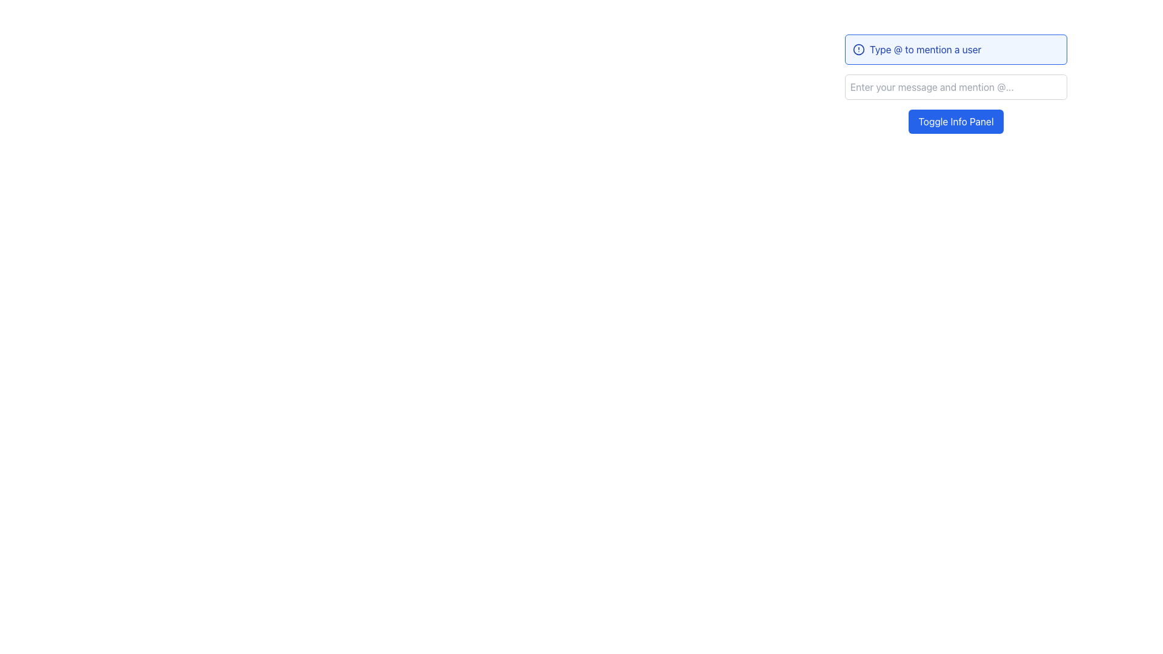 The width and height of the screenshot is (1163, 654). What do you see at coordinates (955, 48) in the screenshot?
I see `the Informational Message Box which has a light blue background, a blue rounded border, and contains an icon with an exclamation mark and the text 'Type @ to mention a user'` at bounding box center [955, 48].